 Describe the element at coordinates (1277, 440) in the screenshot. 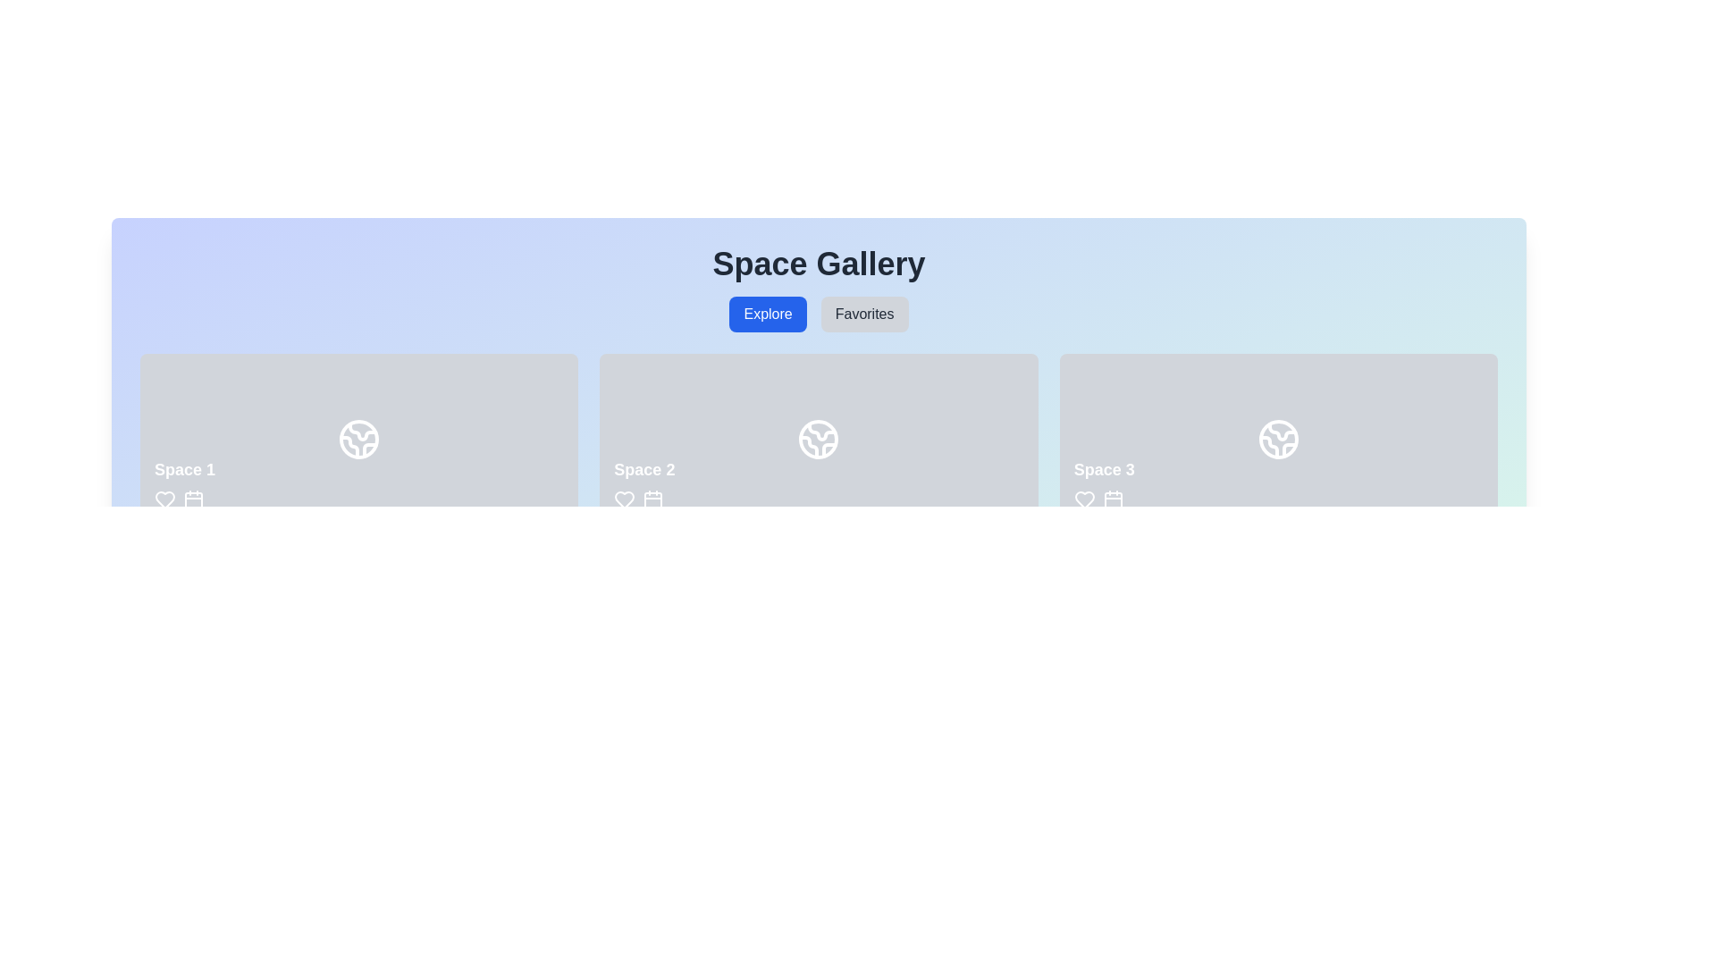

I see `the decorative SVG circle element that is part of the globe icon in the 'Space 3' box of the horizontally arranged gallery` at that location.